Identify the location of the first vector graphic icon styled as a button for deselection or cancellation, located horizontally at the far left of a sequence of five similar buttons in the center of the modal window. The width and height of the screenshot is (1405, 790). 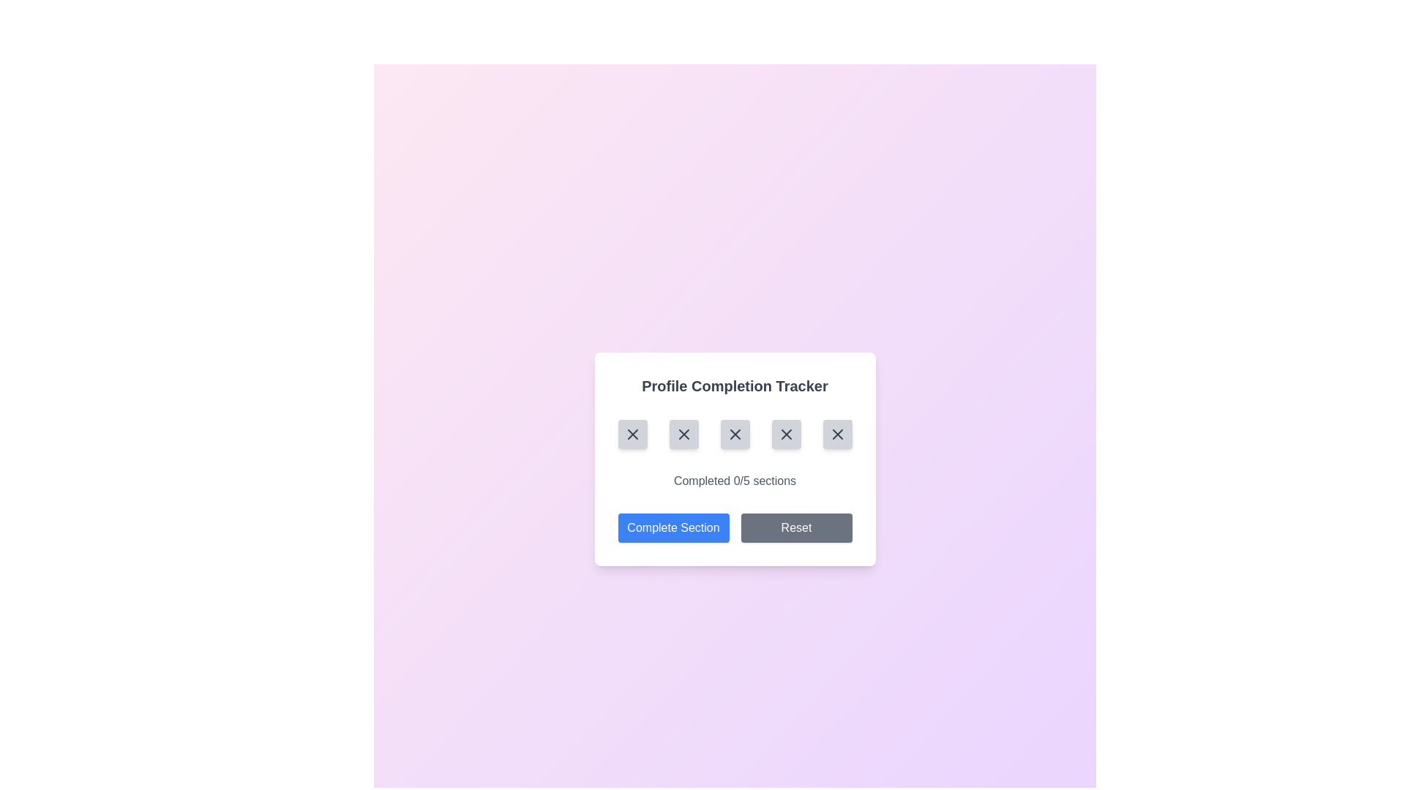
(632, 434).